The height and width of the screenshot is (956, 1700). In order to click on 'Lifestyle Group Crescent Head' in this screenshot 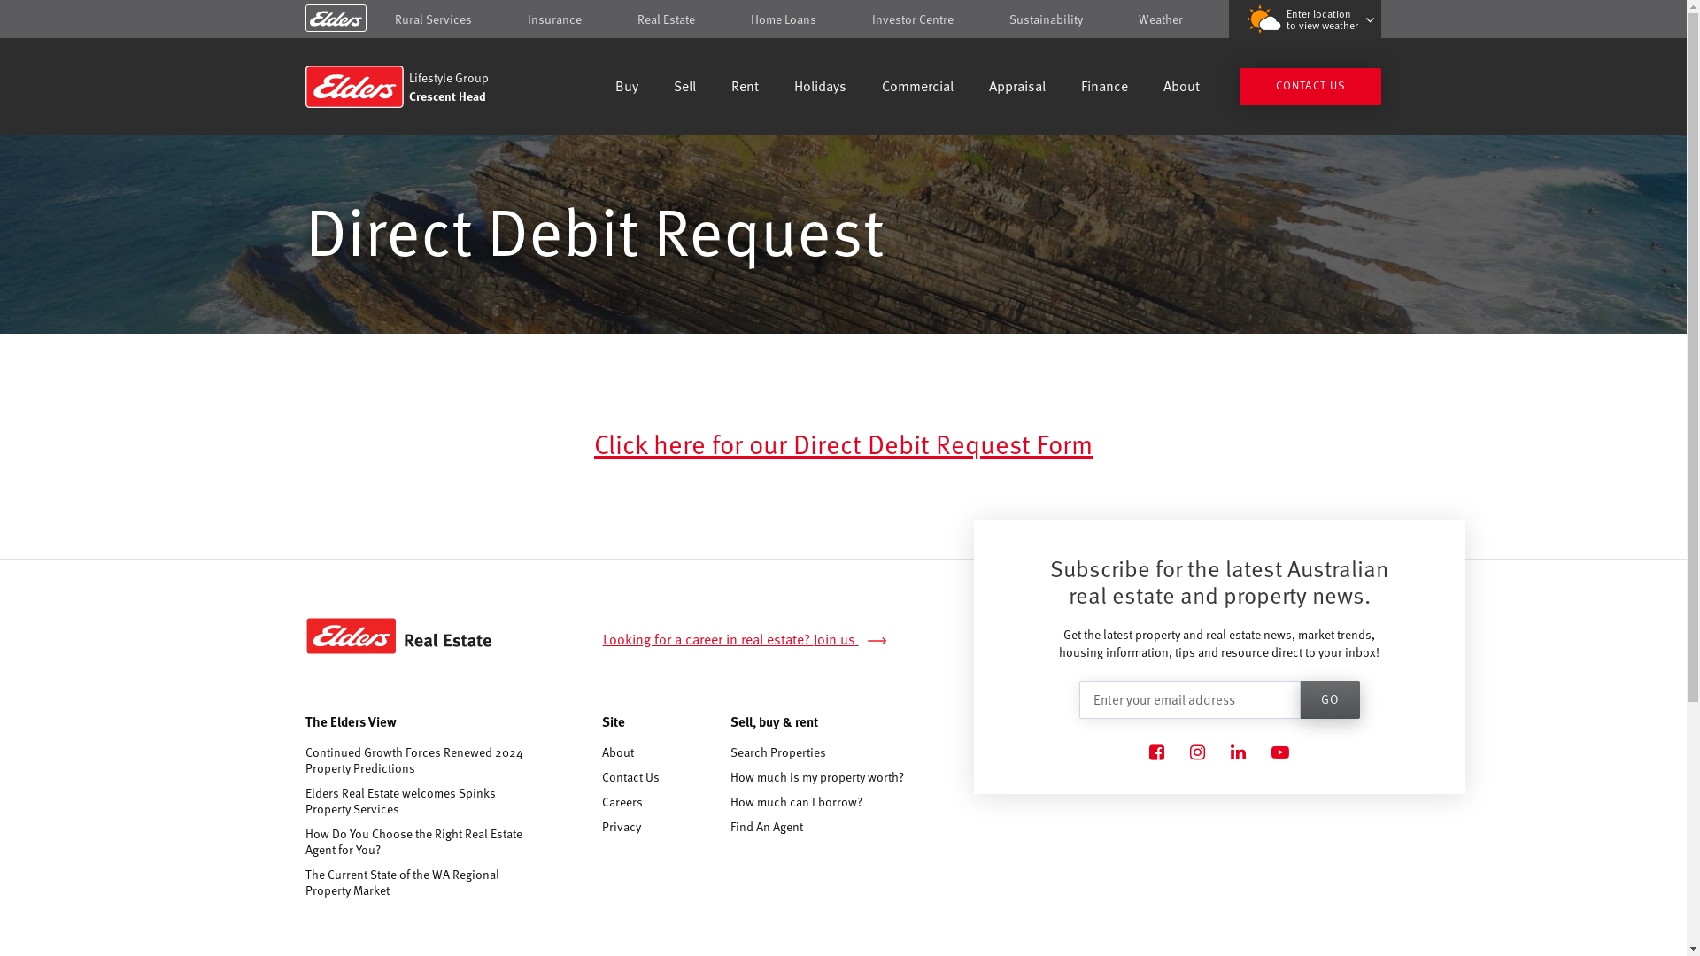, I will do `click(432, 86)`.